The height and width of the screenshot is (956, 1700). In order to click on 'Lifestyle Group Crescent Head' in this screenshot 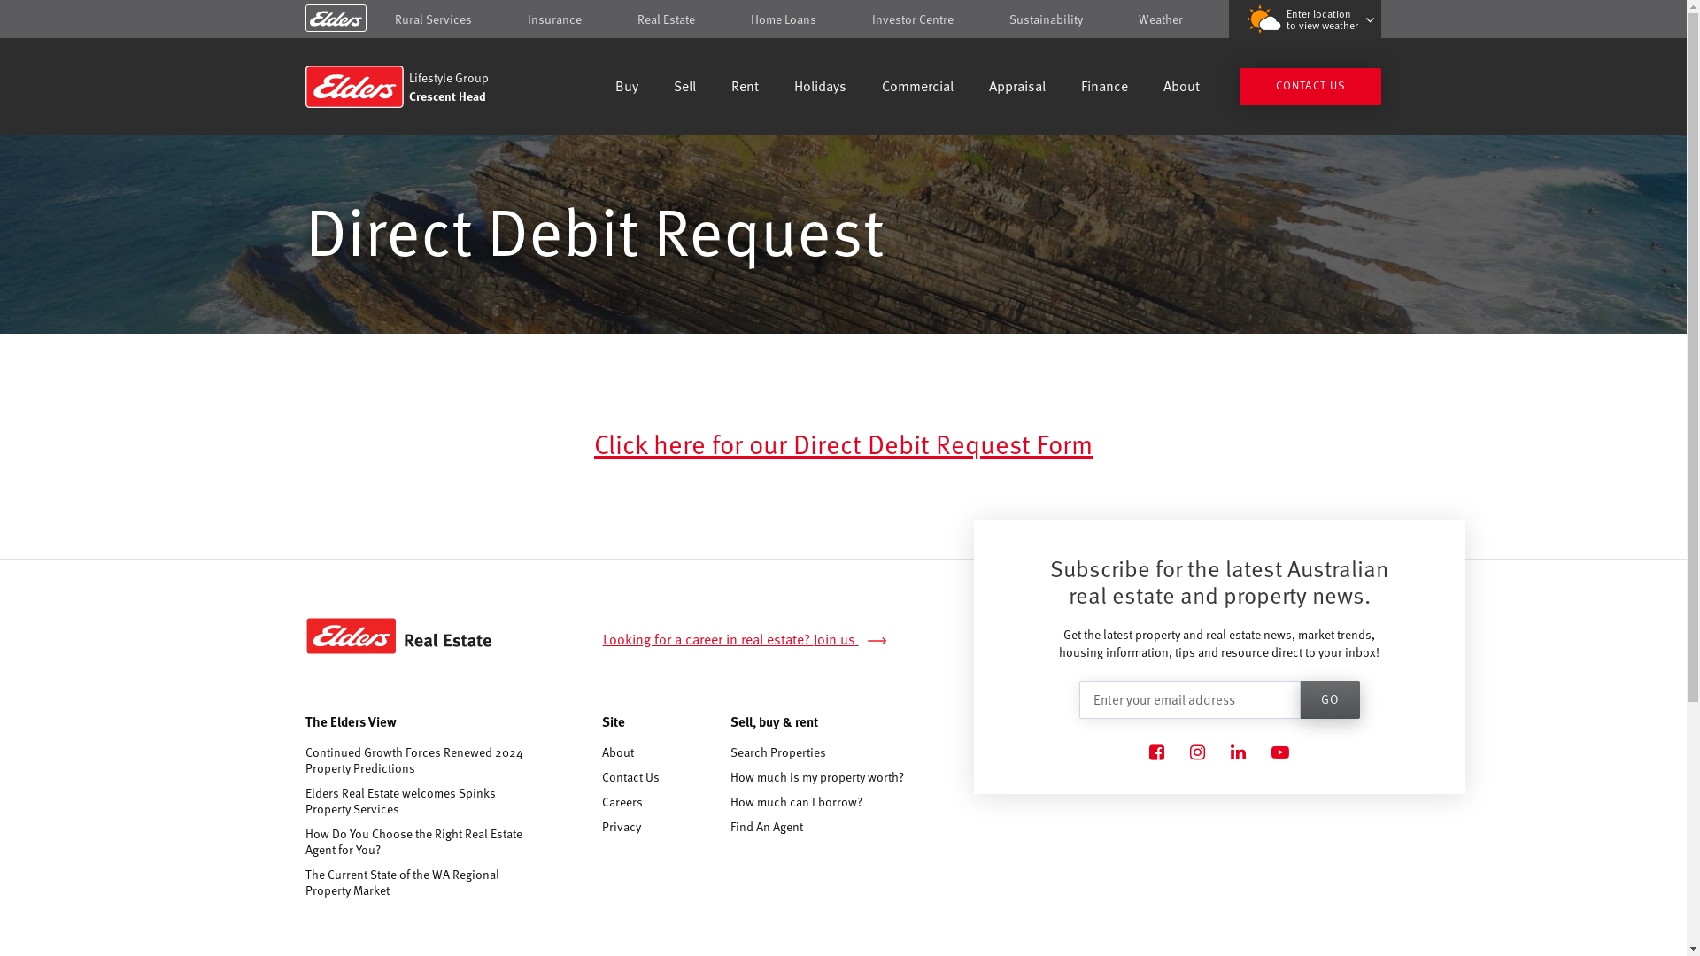, I will do `click(432, 86)`.